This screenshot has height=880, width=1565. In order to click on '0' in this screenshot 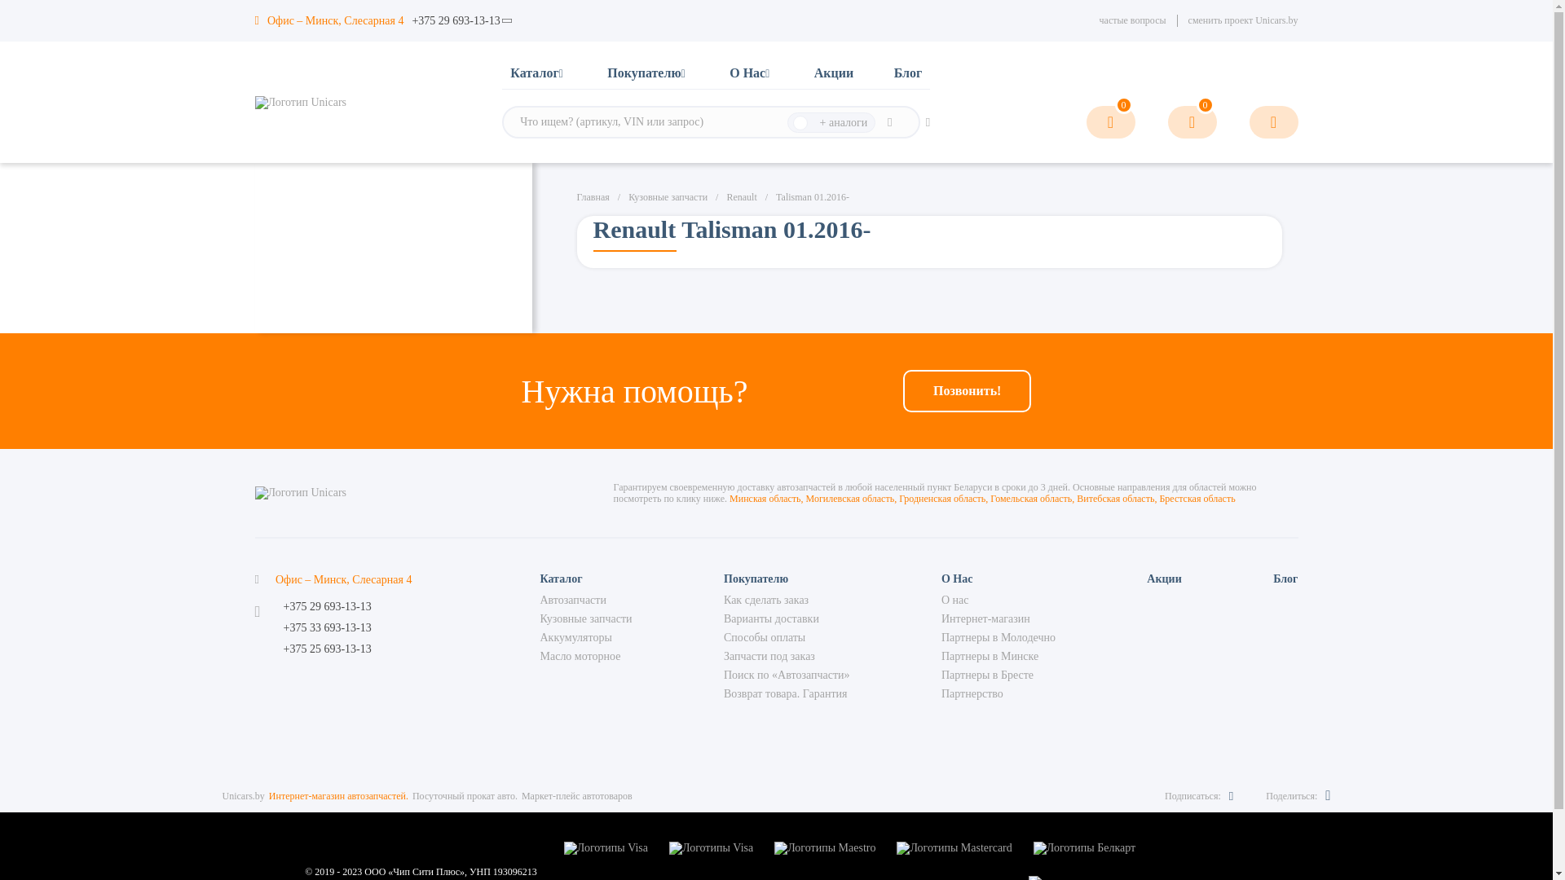, I will do `click(1192, 121)`.